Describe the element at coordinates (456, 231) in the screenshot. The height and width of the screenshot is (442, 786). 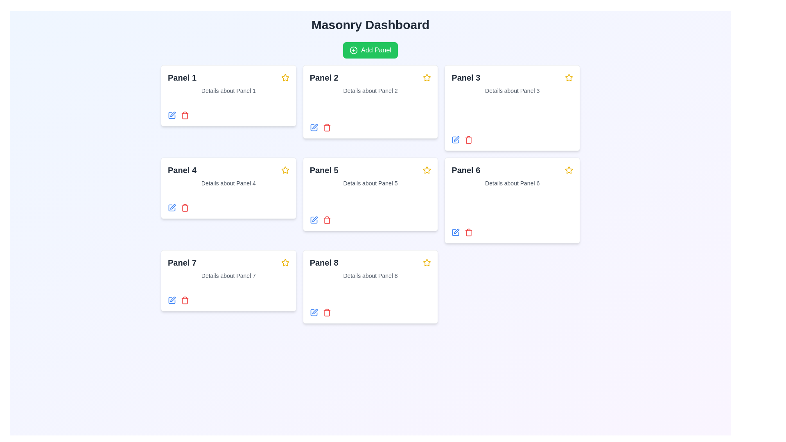
I see `the Edit button represented by the SVG pen icon located at the bottom-left corner of Panel 6 to initiate the editing process` at that location.